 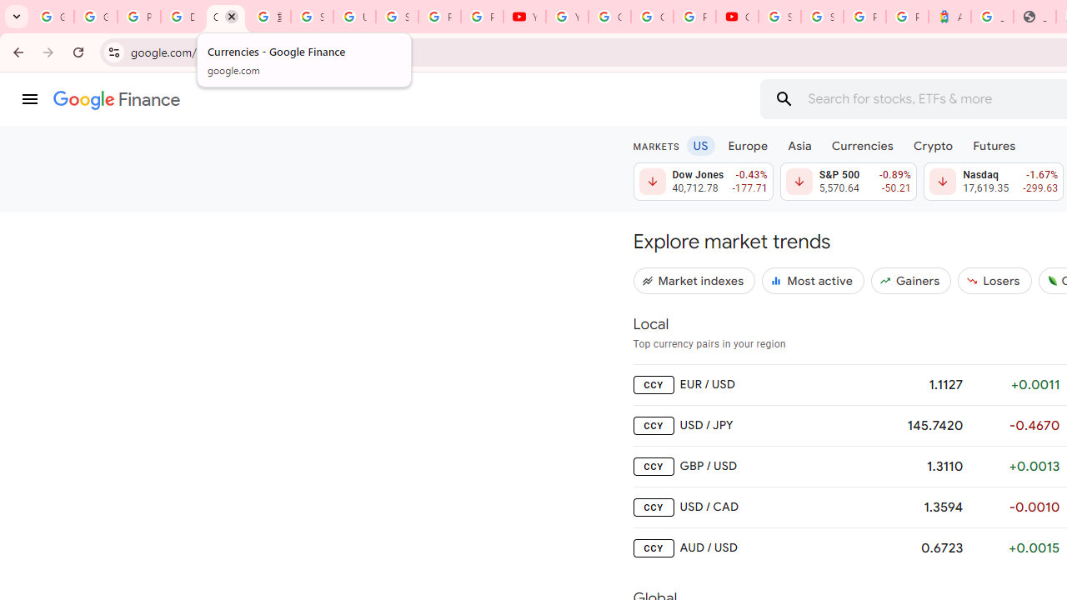 I want to click on 'Currencies - Google Finance', so click(x=224, y=17).